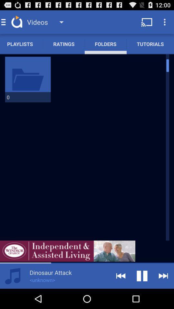 This screenshot has height=309, width=174. I want to click on the av_rewind icon, so click(121, 295).